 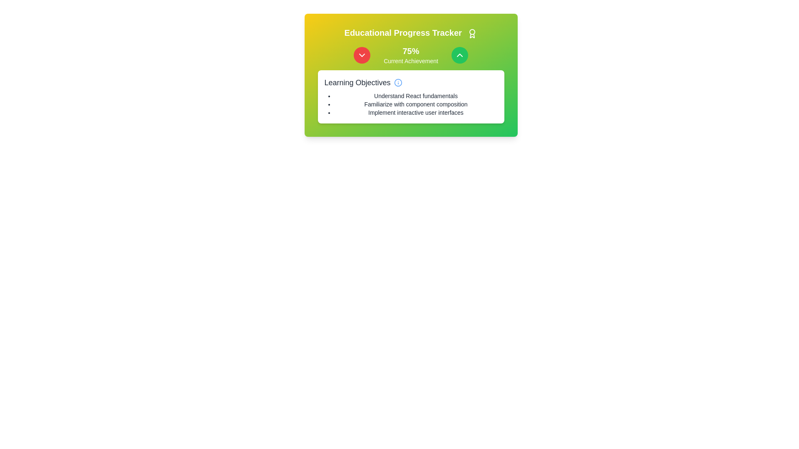 I want to click on the inner circle of the award icon located to the right of the 'Educational Progress Tracker' text, so click(x=472, y=31).